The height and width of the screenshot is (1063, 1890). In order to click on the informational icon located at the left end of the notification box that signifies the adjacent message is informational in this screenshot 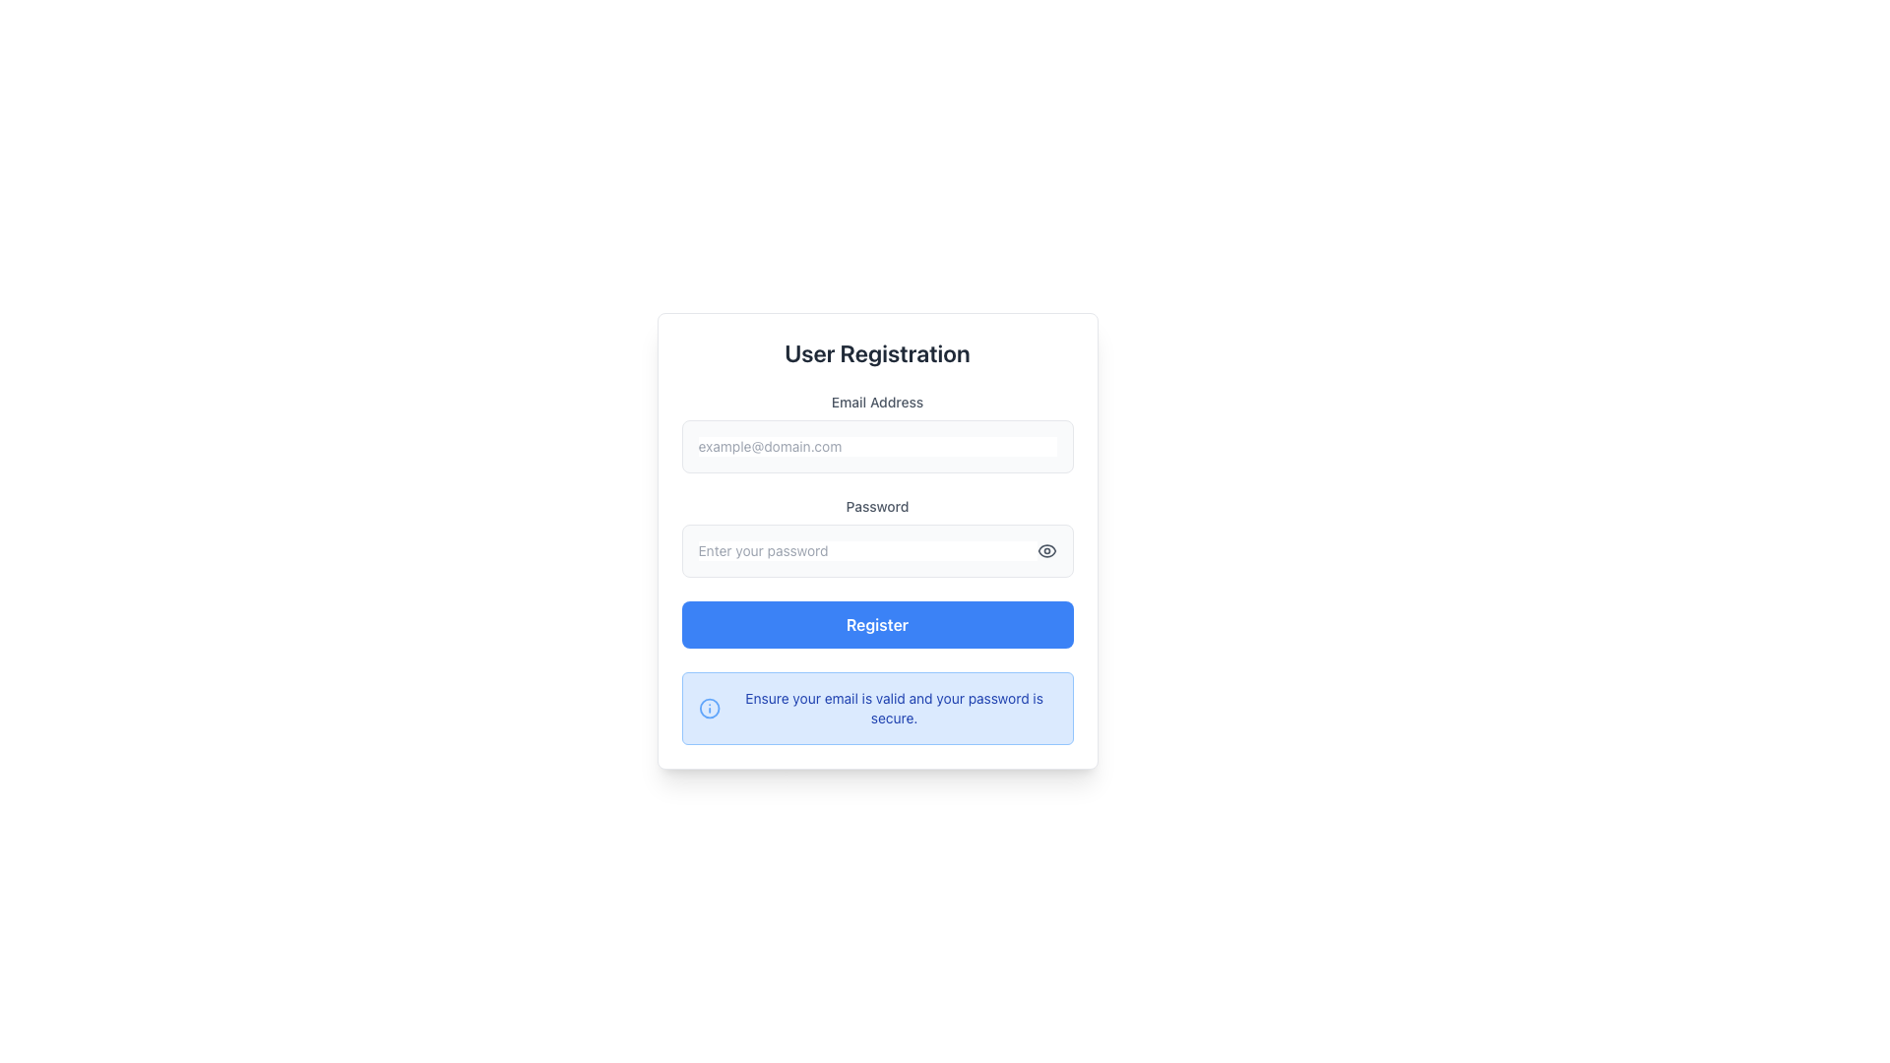, I will do `click(709, 709)`.